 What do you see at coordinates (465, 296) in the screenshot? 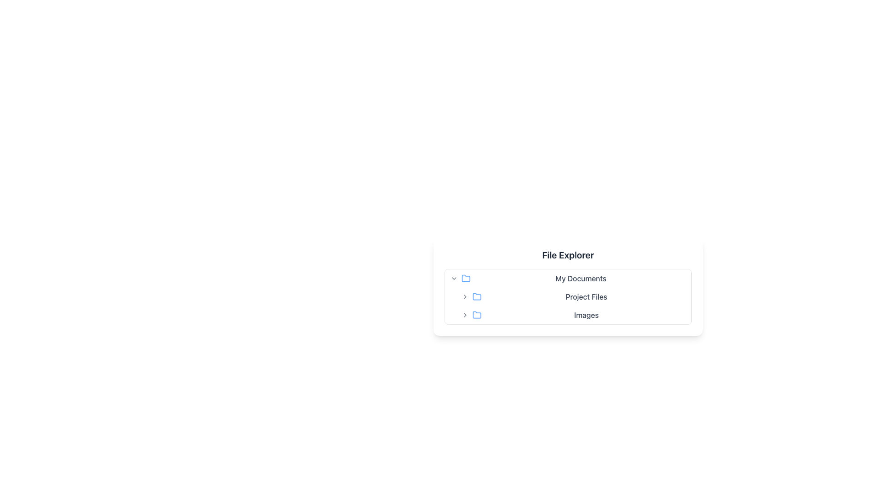
I see `the chevron icon that expands or collapses the 'Project Files' directory, located on the left side of the directory label` at bounding box center [465, 296].